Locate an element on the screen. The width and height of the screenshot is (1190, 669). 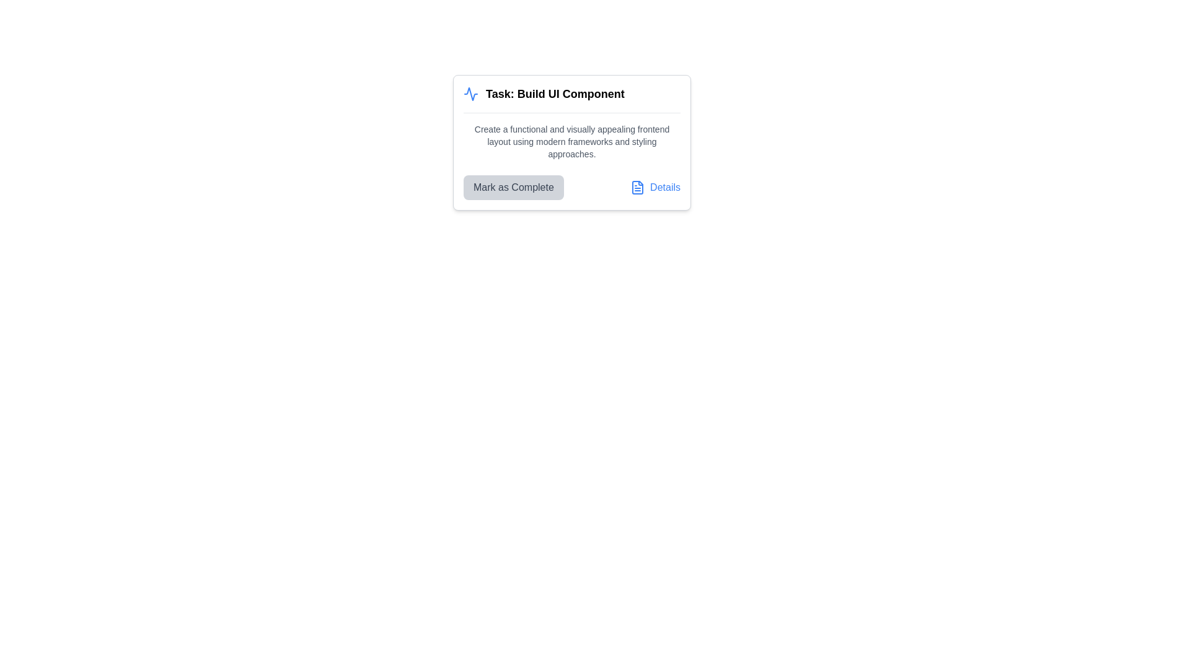
the small blue SVG icon resembling a waveform, located to the left of the text 'Task: Build UI Component' is located at coordinates (470, 93).